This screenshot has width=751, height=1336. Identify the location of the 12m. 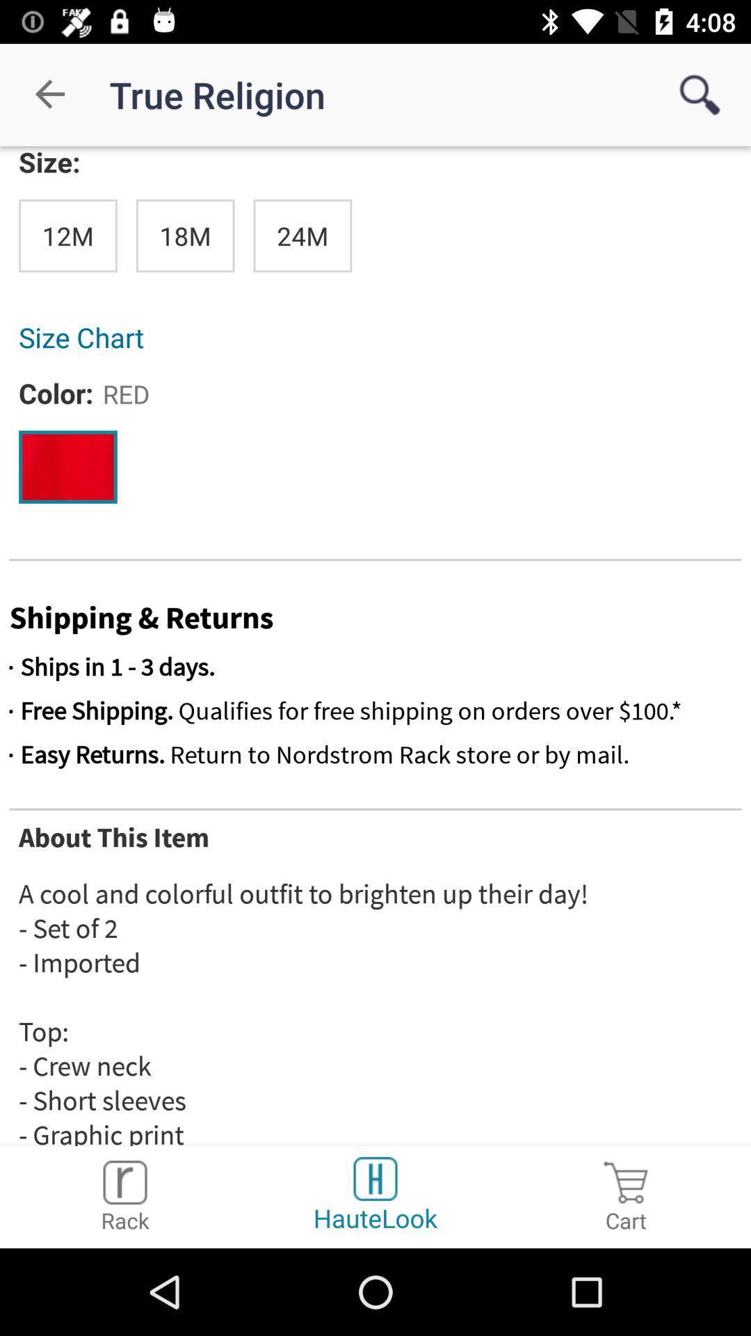
(67, 236).